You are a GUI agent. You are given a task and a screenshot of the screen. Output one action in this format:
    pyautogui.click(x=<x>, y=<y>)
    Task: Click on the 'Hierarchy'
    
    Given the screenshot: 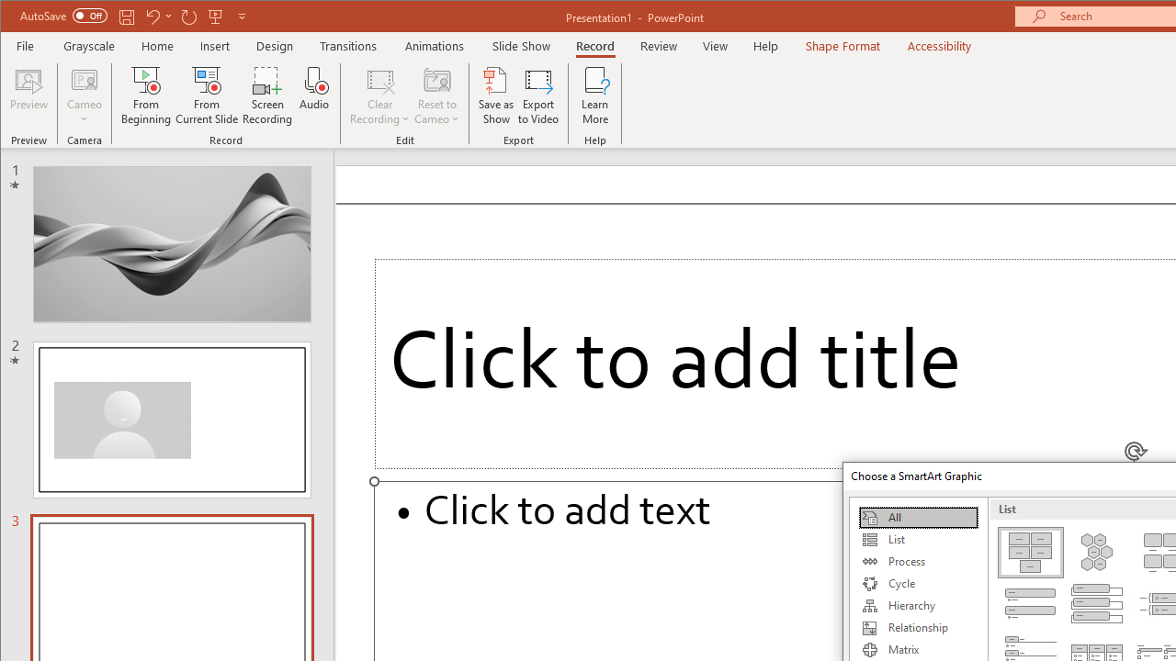 What is the action you would take?
    pyautogui.click(x=918, y=605)
    